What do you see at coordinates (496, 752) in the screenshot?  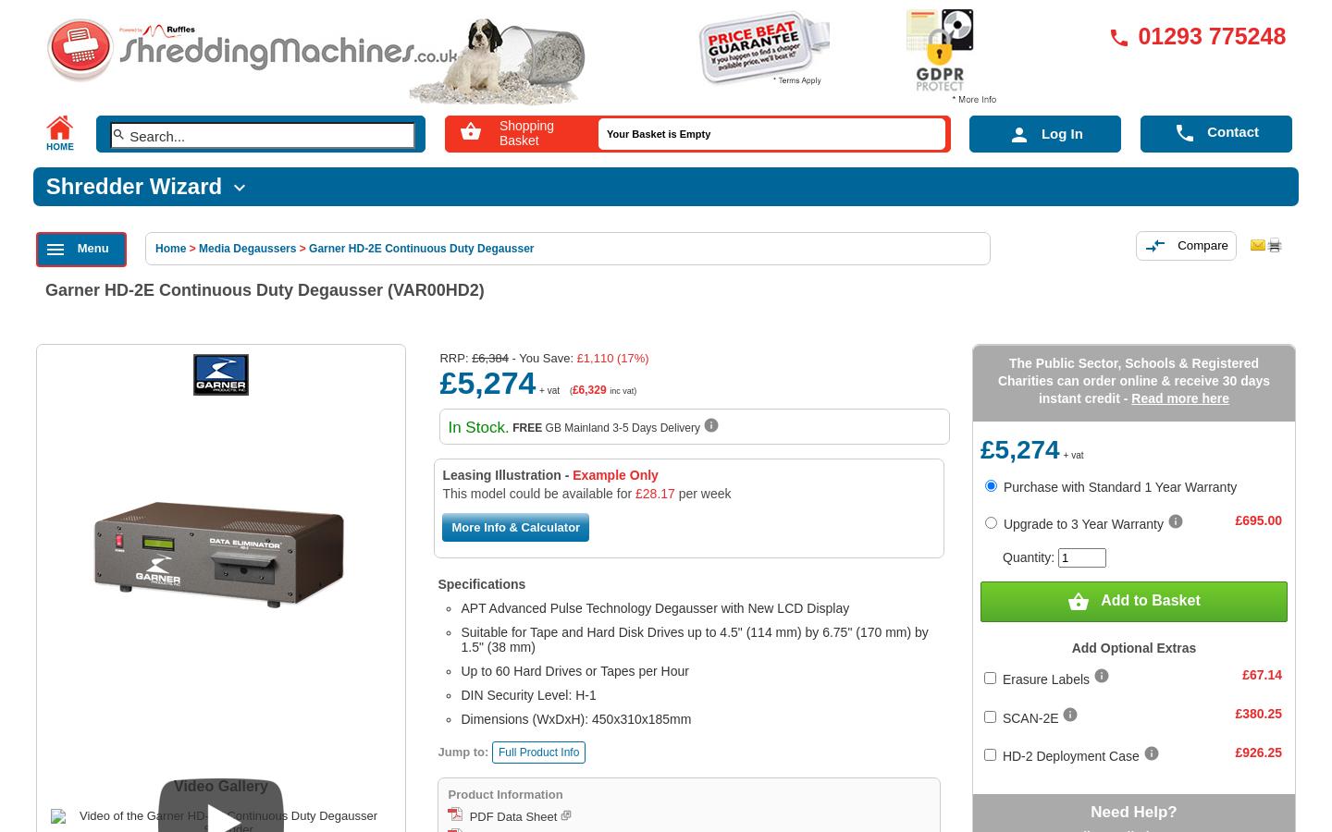 I see `'Full Product Info'` at bounding box center [496, 752].